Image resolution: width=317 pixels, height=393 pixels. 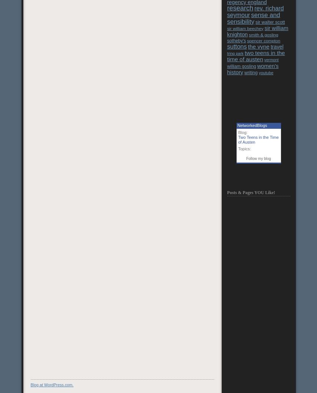 What do you see at coordinates (255, 12) in the screenshot?
I see `'rev. richard seymour'` at bounding box center [255, 12].